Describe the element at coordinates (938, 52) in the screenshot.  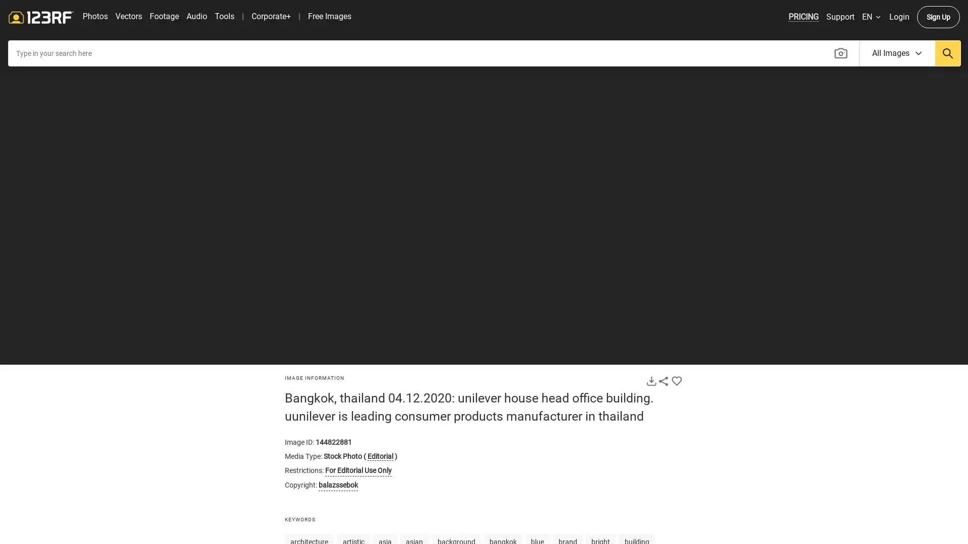
I see `Sign Up` at that location.